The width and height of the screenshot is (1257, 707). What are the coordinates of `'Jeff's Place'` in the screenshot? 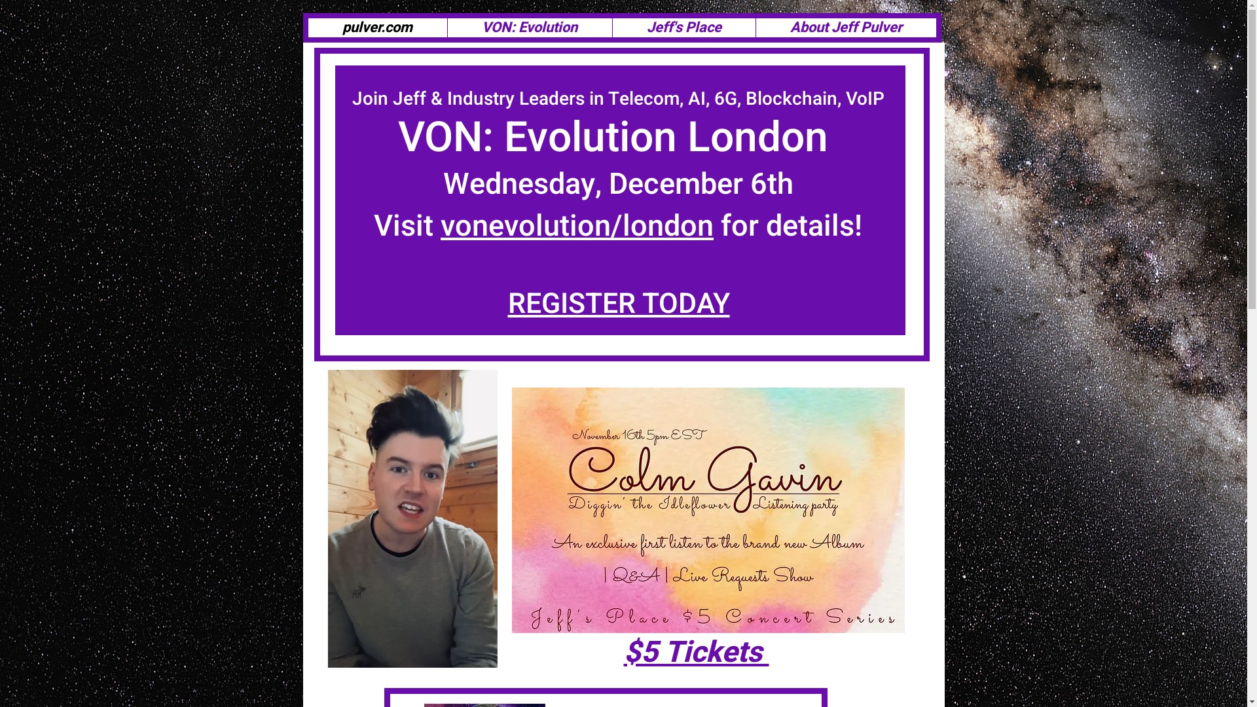 It's located at (682, 27).